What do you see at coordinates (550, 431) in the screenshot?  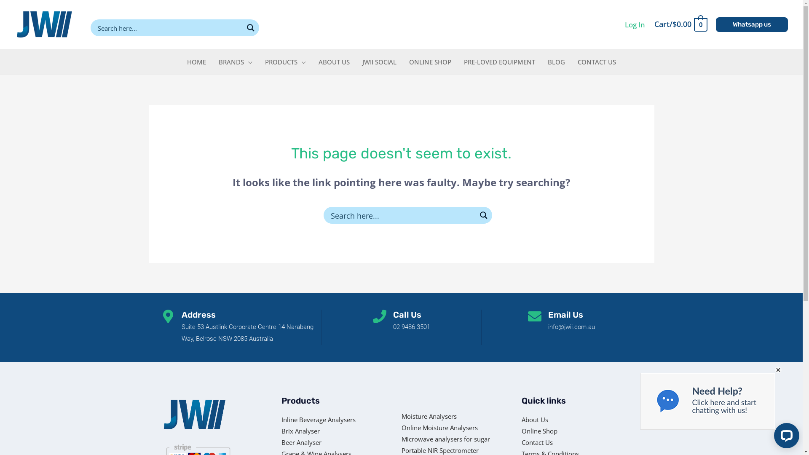 I see `'Online Shop'` at bounding box center [550, 431].